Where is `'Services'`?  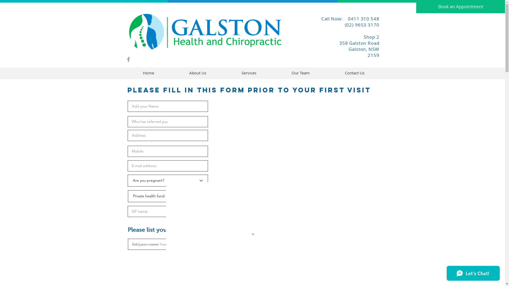
'Services' is located at coordinates (248, 73).